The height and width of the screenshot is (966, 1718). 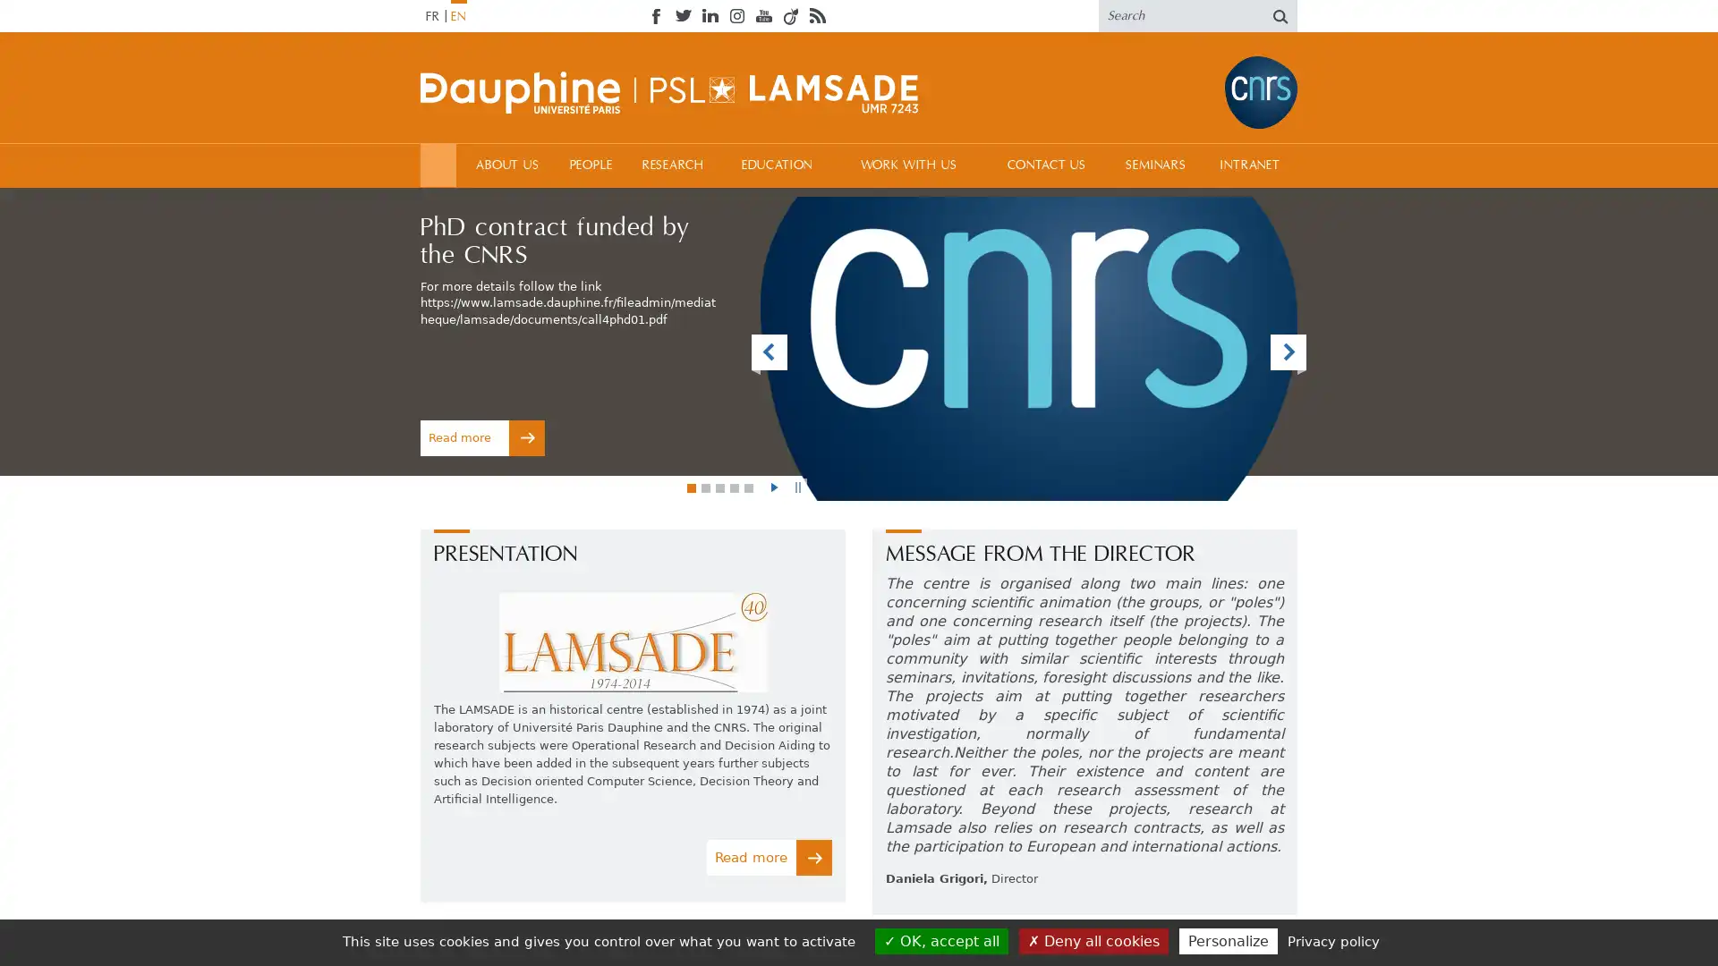 What do you see at coordinates (1092, 940) in the screenshot?
I see `Deny all cookies` at bounding box center [1092, 940].